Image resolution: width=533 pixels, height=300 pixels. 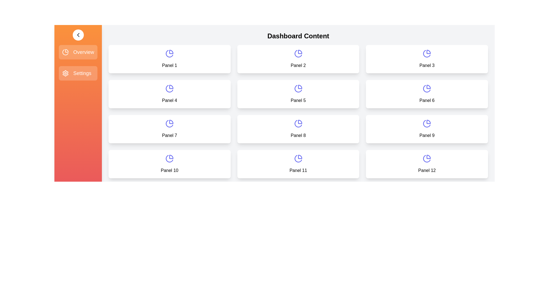 What do you see at coordinates (78, 52) in the screenshot?
I see `the menu option Overview by clicking on it` at bounding box center [78, 52].